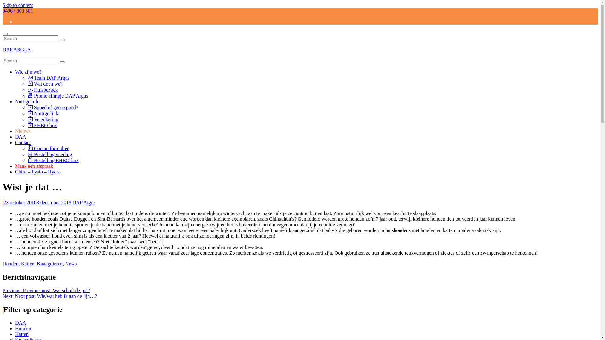 This screenshot has width=605, height=340. Describe the element at coordinates (18, 5) in the screenshot. I see `'Skip to content'` at that location.